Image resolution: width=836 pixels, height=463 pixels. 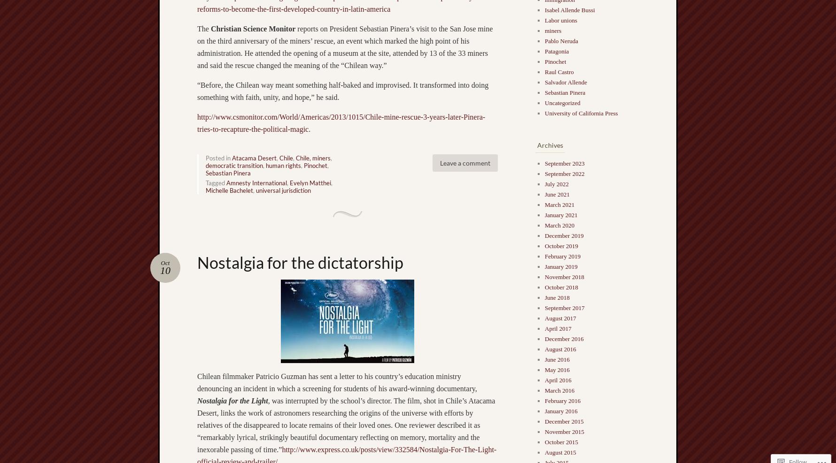 I want to click on ', was interrupted by the school’s director. The film, shot in Chile’s Atacama Desert, links the work of astronomers researching the origins of the universe with efforts by relatives of the disappeared to locate remains of their loved ones. One reviewer described it as “remarkably lyrical, strikingly beautiful documentary reflecting on memory, mortality and the inexorable passing of time.”', so click(x=345, y=424).